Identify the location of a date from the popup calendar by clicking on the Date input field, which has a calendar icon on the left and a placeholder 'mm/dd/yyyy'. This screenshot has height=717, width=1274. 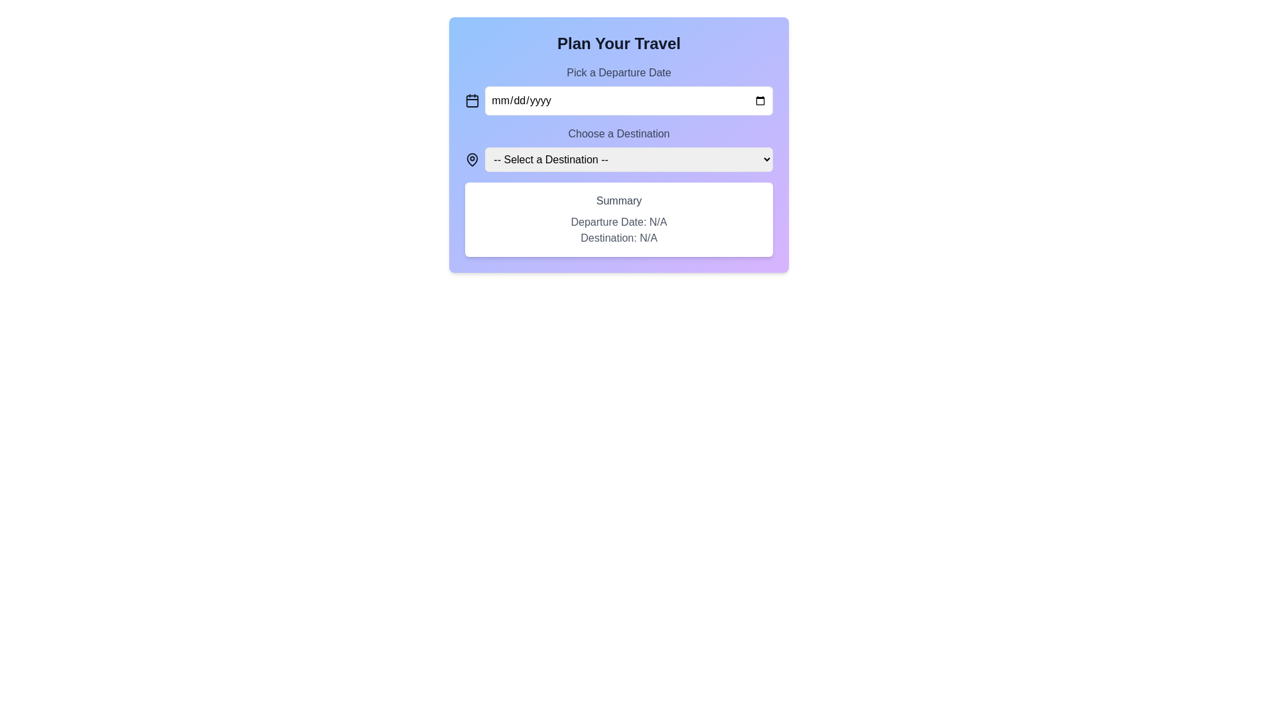
(618, 90).